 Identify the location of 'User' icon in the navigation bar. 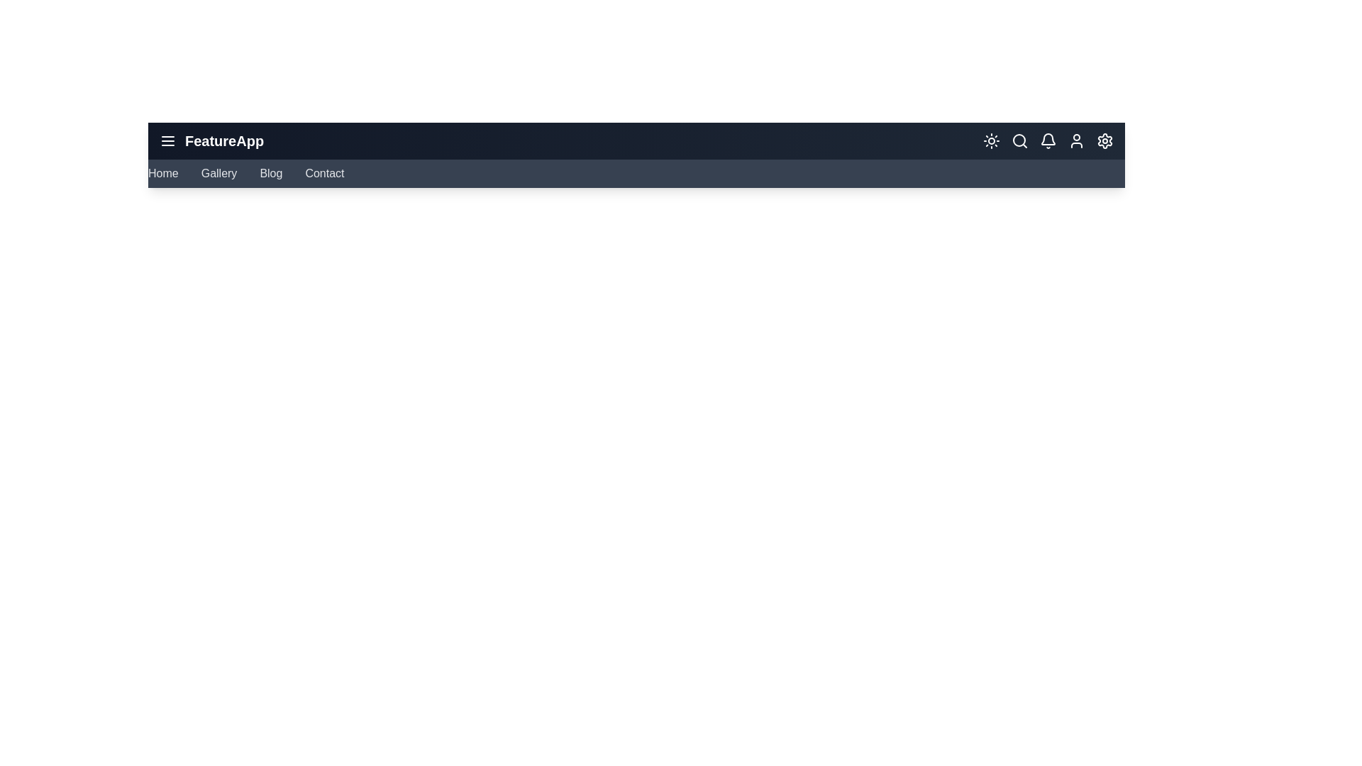
(1076, 141).